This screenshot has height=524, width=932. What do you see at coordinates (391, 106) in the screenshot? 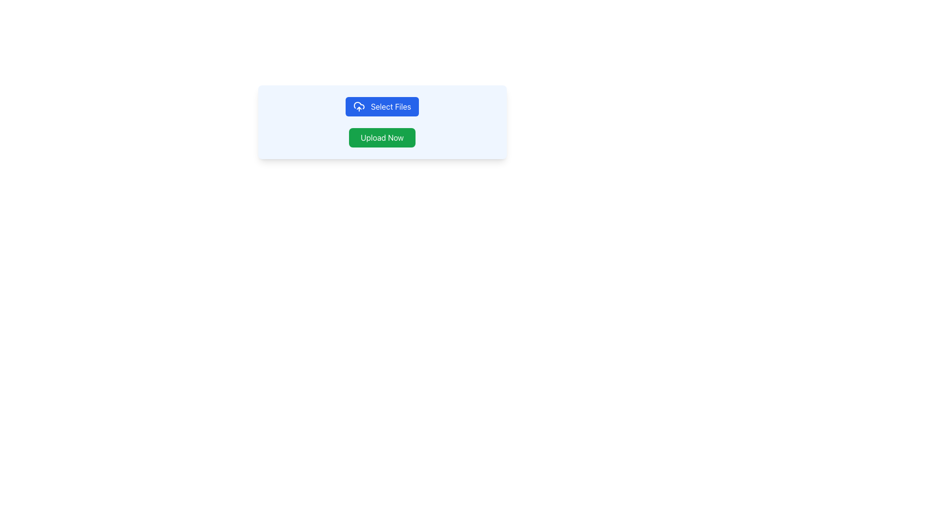
I see `the 'Select Files' button text label that indicates its purpose, positioned at the top-center of the layout, right next to the cloud icon` at bounding box center [391, 106].